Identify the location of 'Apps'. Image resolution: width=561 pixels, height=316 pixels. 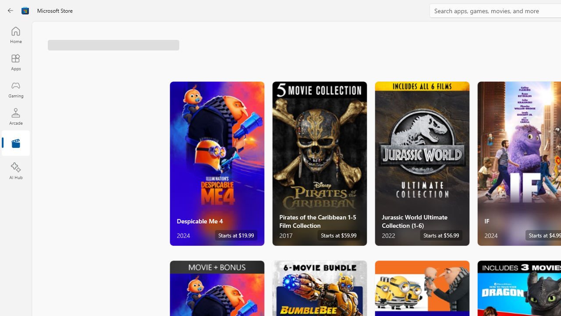
(15, 61).